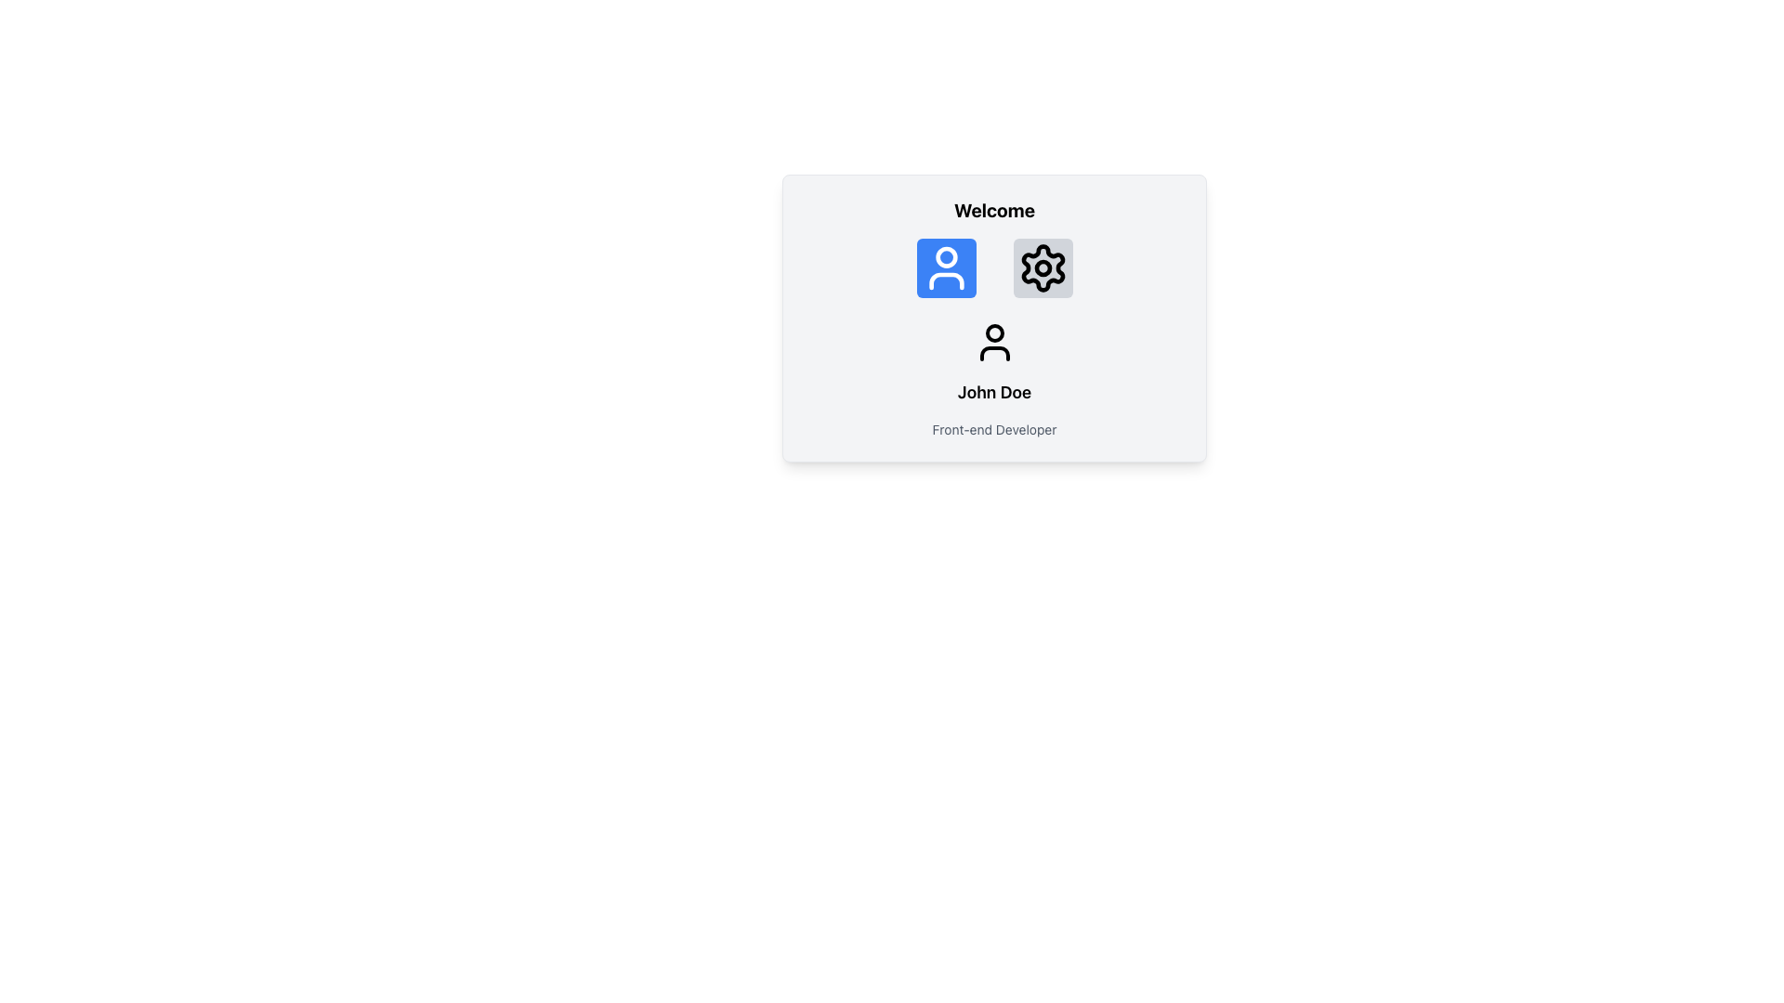 Image resolution: width=1784 pixels, height=1003 pixels. Describe the element at coordinates (993, 429) in the screenshot. I see `the text label displaying the job title or role for the user, located at the bottom of the vertically-arranged group containing an icon and the bold name 'John Doe'` at that location.